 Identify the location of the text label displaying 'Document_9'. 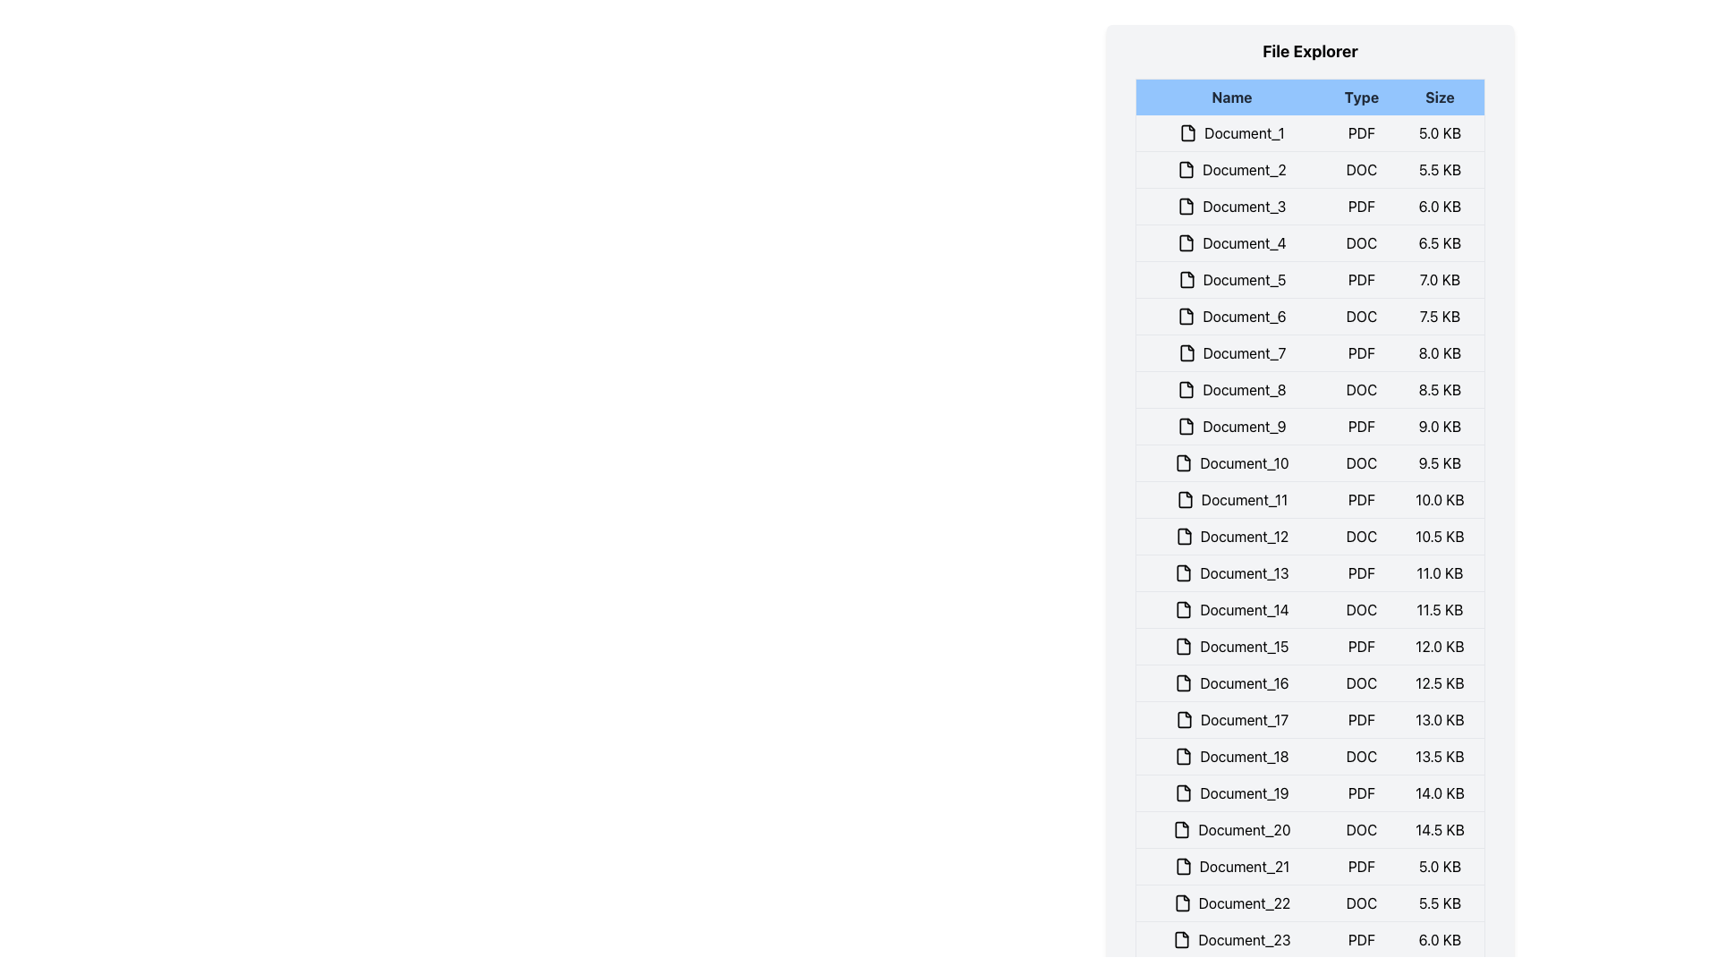
(1231, 427).